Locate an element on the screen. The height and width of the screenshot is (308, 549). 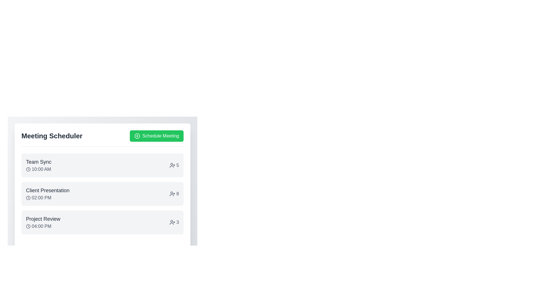
the SVG Circle icon which is part of the clock located to the left of the text '02:00 PM' is located at coordinates (28, 198).